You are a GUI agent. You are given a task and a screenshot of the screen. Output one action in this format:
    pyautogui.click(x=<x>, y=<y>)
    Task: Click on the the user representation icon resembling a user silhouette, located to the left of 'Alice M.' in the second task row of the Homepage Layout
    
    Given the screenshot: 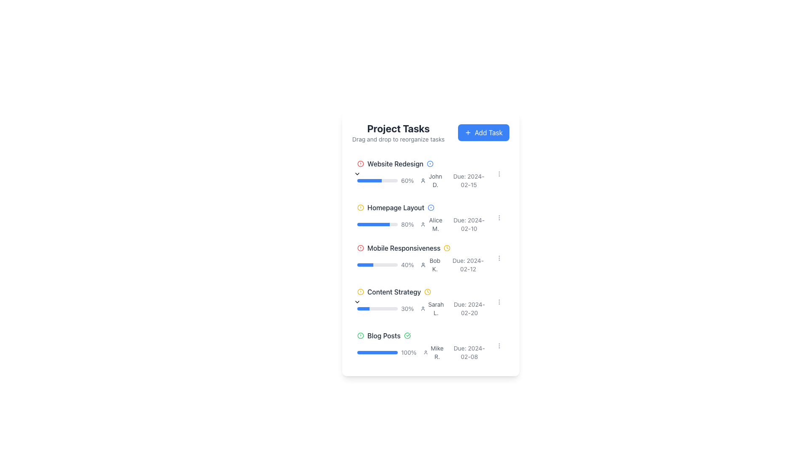 What is the action you would take?
    pyautogui.click(x=423, y=224)
    